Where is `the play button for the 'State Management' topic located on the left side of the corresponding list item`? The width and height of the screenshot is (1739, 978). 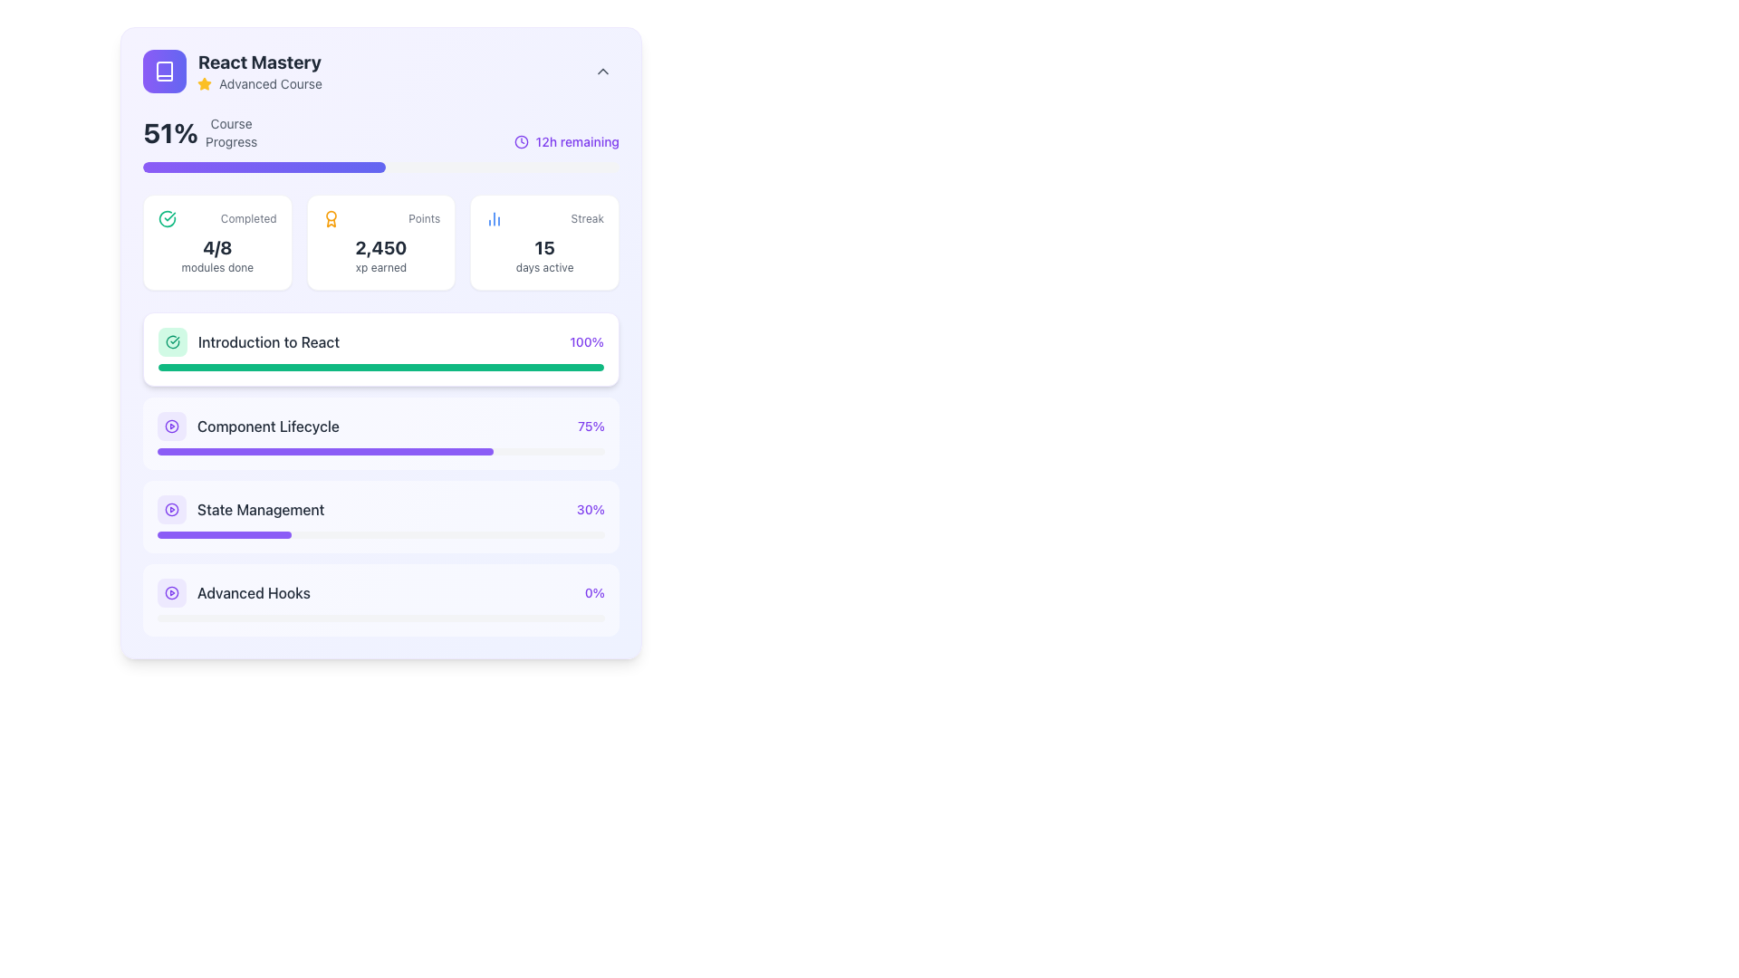 the play button for the 'State Management' topic located on the left side of the corresponding list item is located at coordinates (172, 510).